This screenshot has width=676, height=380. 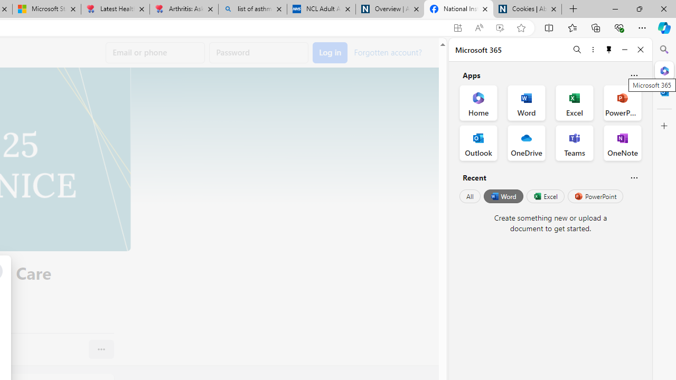 What do you see at coordinates (321, 9) in the screenshot?
I see `'NCL Adult Asthma Inhaler Choice Guideline'` at bounding box center [321, 9].